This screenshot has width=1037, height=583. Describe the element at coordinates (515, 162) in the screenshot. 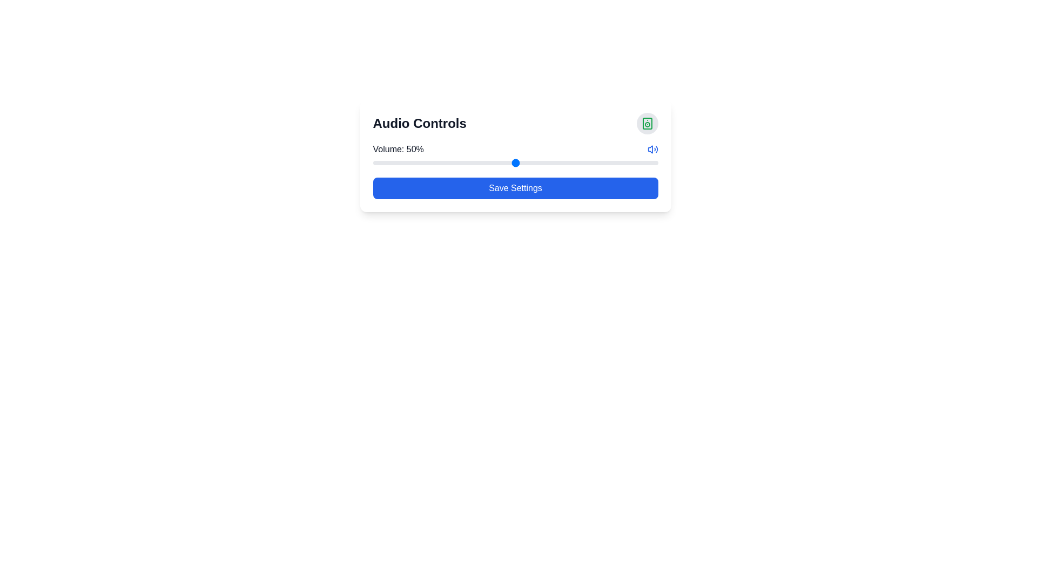

I see `the horizontal range slider with a gray track and blue thumb` at that location.